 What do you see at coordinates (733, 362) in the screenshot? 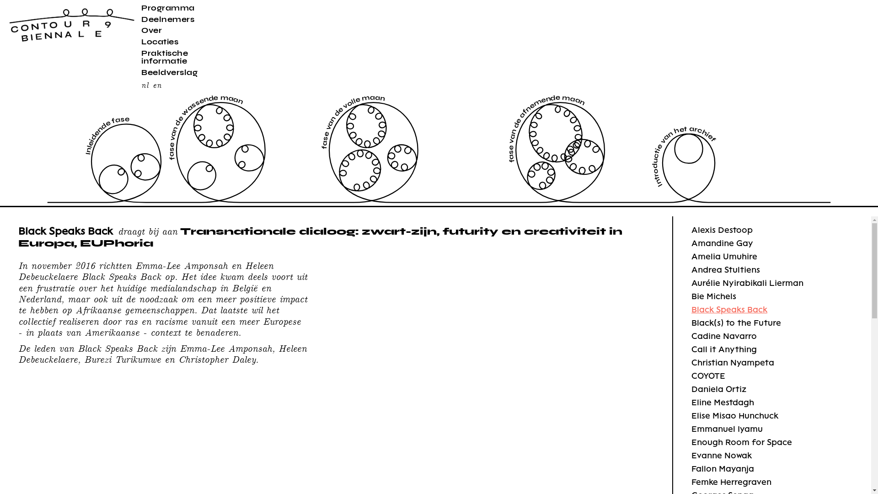
I see `'Christian Nyampeta'` at bounding box center [733, 362].